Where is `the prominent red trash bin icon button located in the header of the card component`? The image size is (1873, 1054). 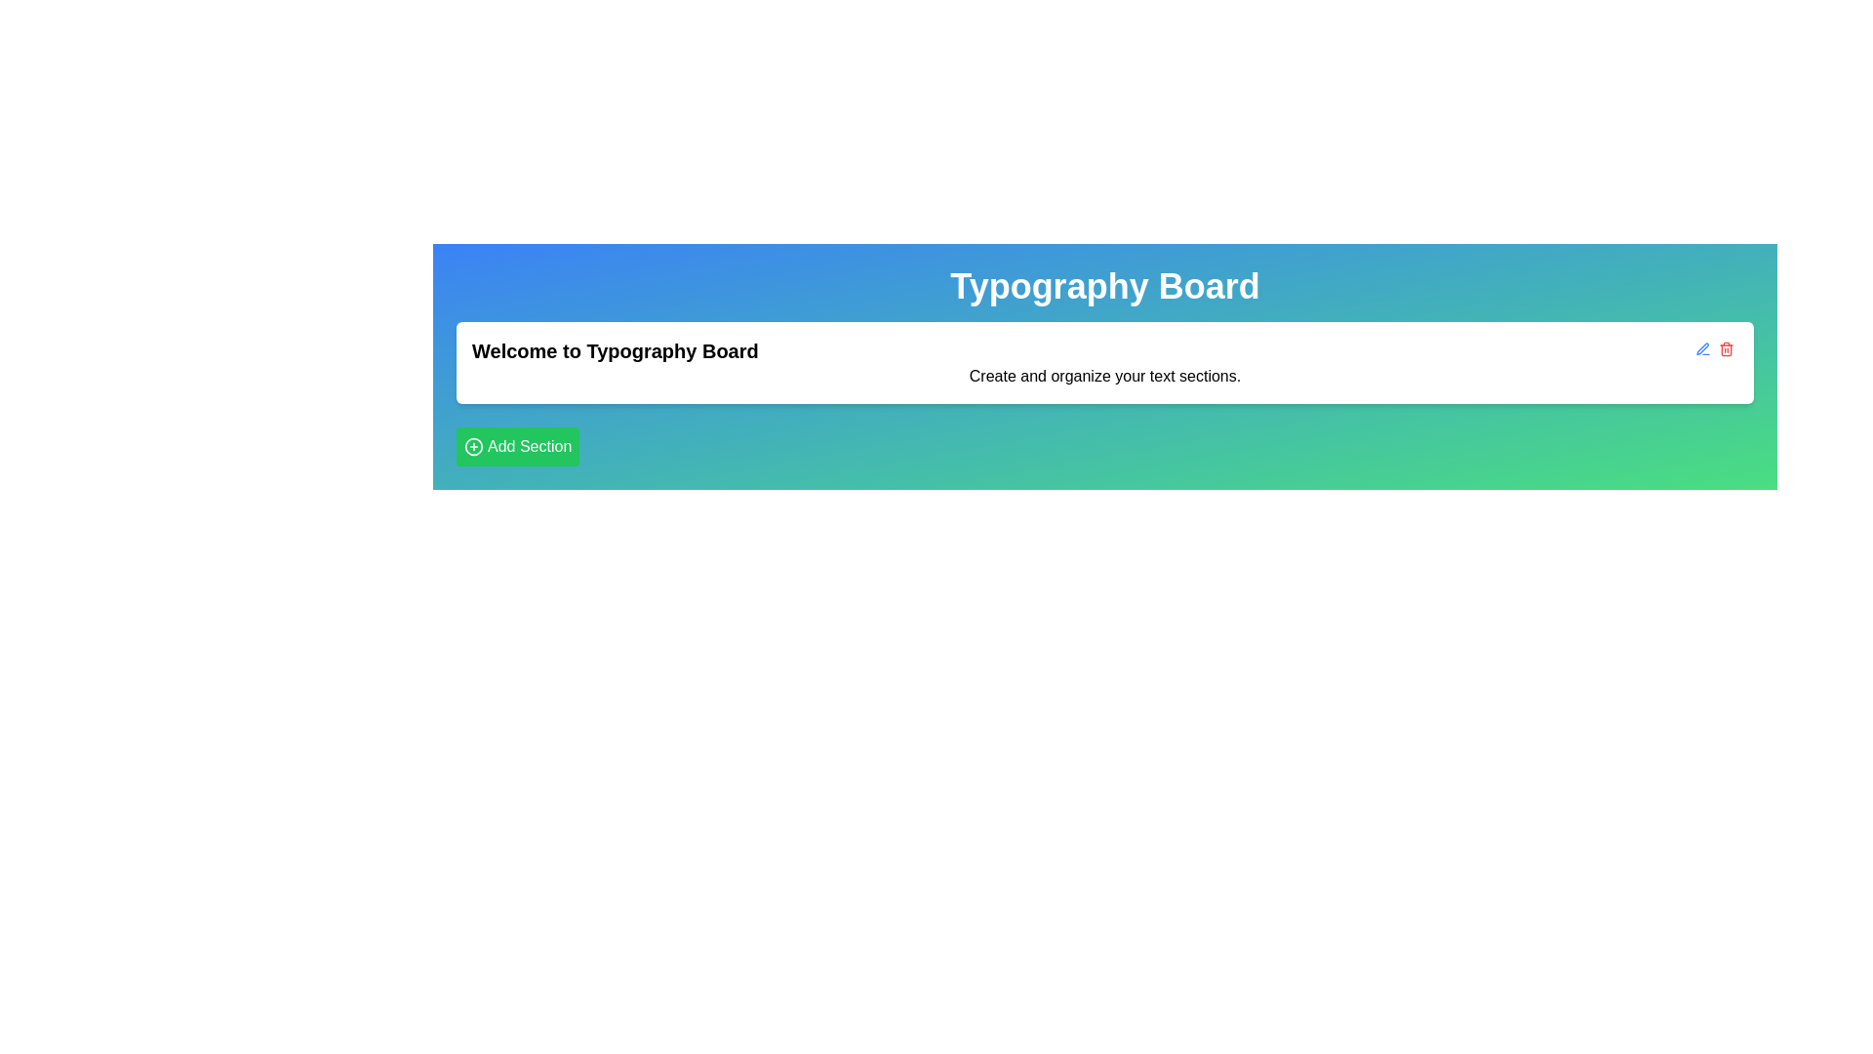 the prominent red trash bin icon button located in the header of the card component is located at coordinates (1727, 348).